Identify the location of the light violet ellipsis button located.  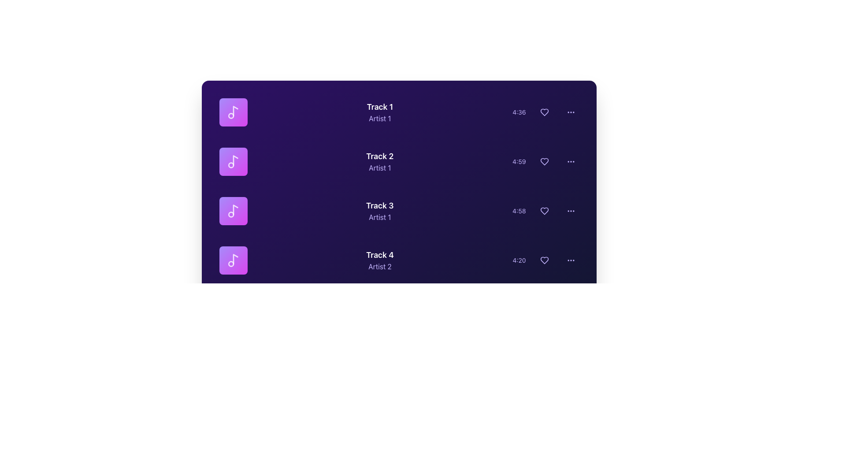
(571, 112).